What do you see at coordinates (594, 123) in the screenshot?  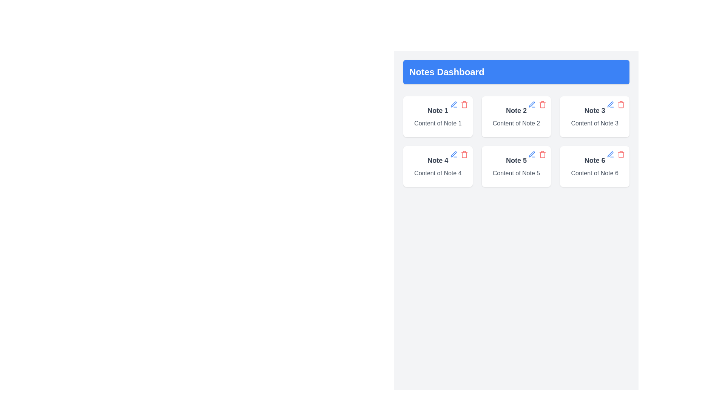 I see `the text displaying 'Content of Note 3', which is centrally located in a card-like layout below the bold 'Note 3' text in the 'Notes Dashboard'` at bounding box center [594, 123].